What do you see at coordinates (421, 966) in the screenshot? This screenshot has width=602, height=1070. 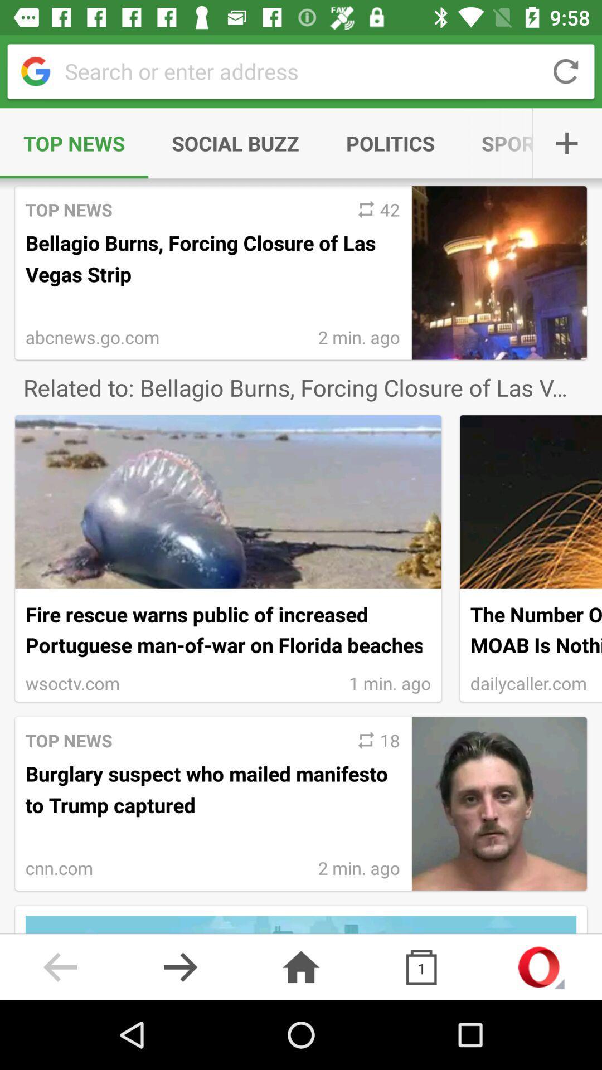 I see `the delete icon` at bounding box center [421, 966].